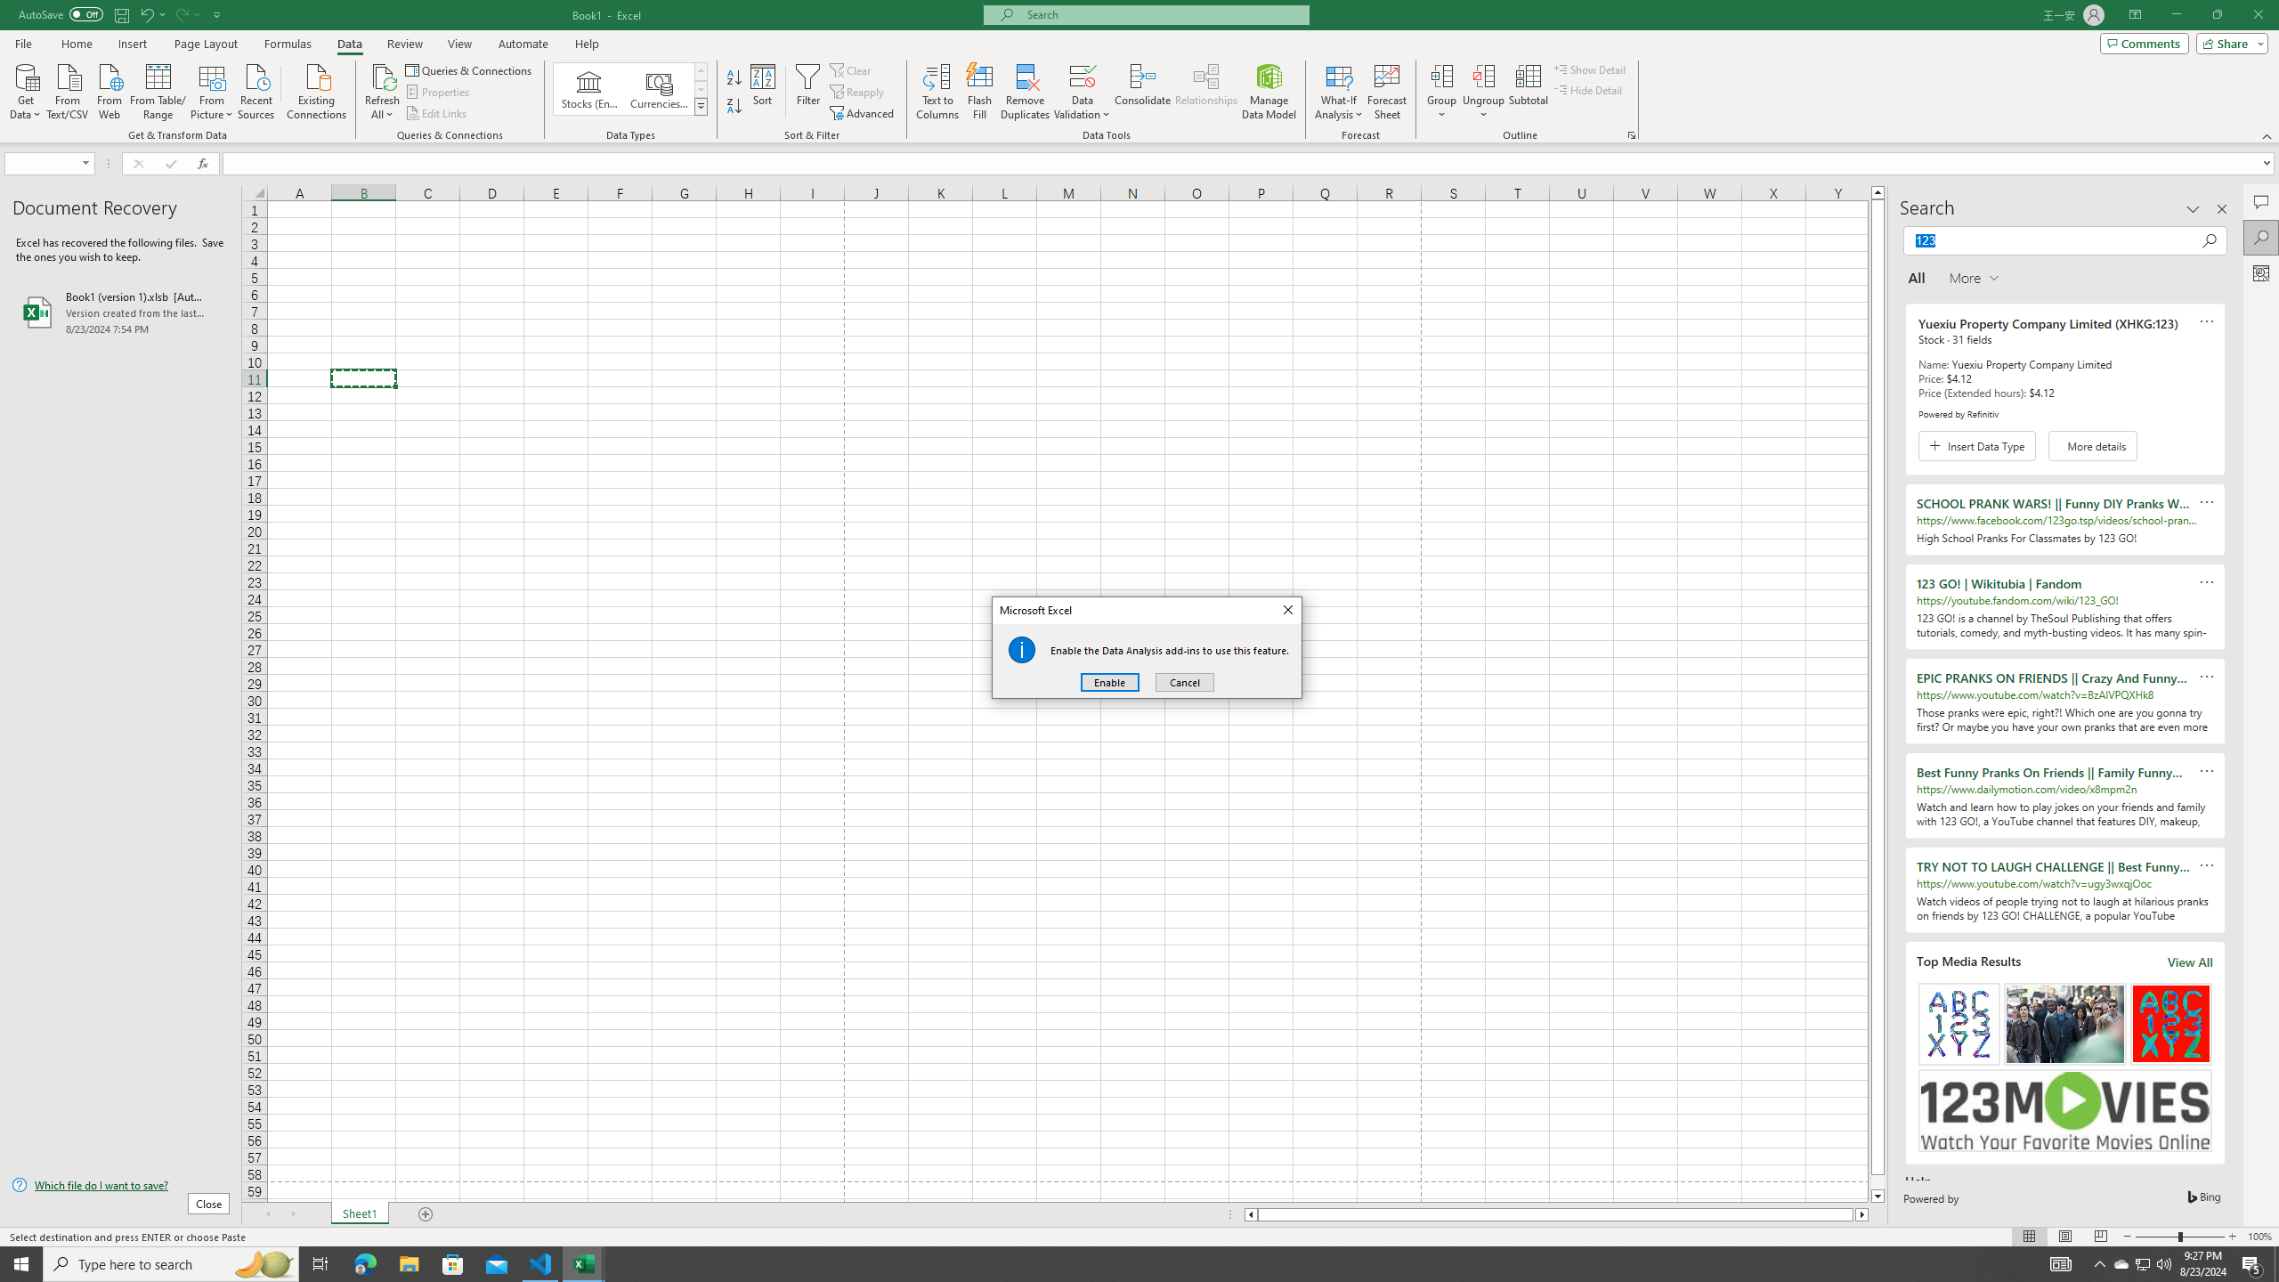 This screenshot has height=1282, width=2279. Describe the element at coordinates (540, 1262) in the screenshot. I see `'Visual Studio Code - 1 running window'` at that location.